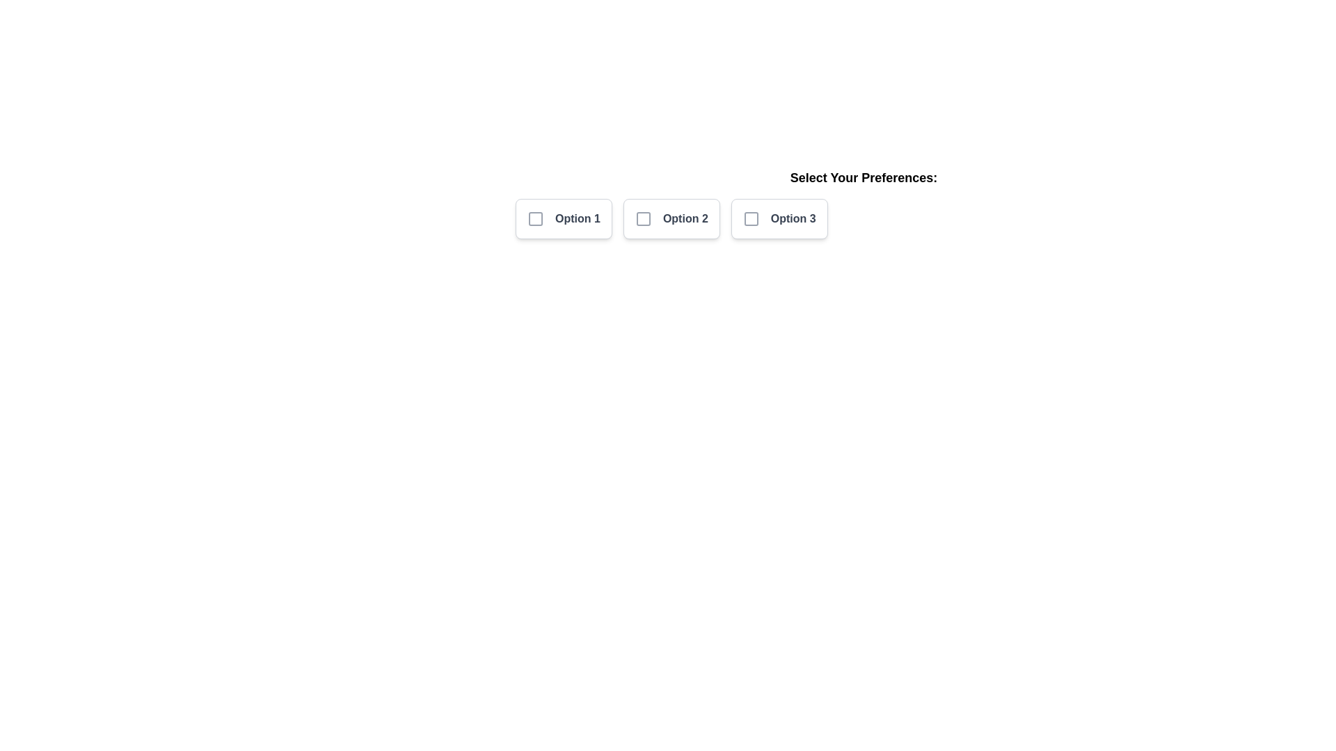 The width and height of the screenshot is (1336, 751). Describe the element at coordinates (685, 219) in the screenshot. I see `label UI element that indicates an option for the corresponding checkbox, positioned between 'Option 1' and 'Option 3' under 'Select Your Preferences.'` at that location.